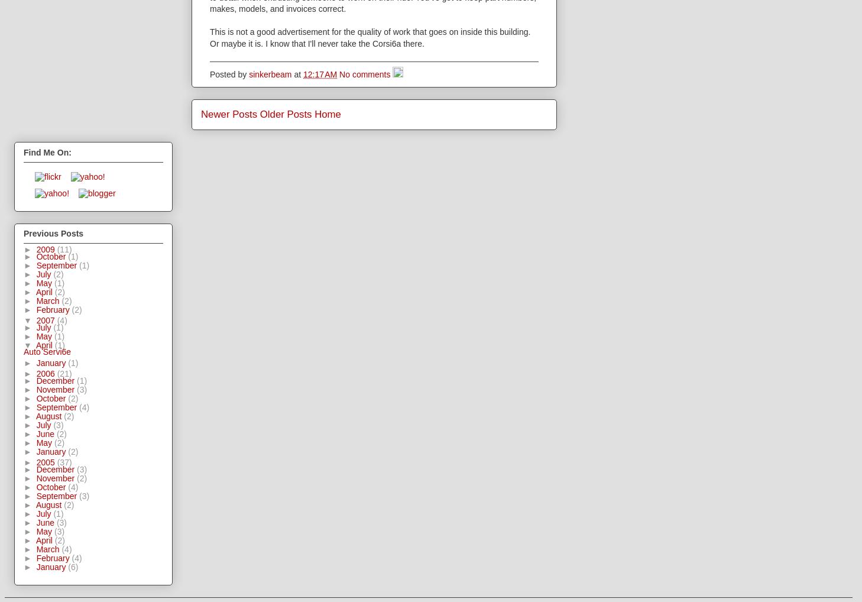 The height and width of the screenshot is (602, 862). Describe the element at coordinates (46, 248) in the screenshot. I see `'2009'` at that location.